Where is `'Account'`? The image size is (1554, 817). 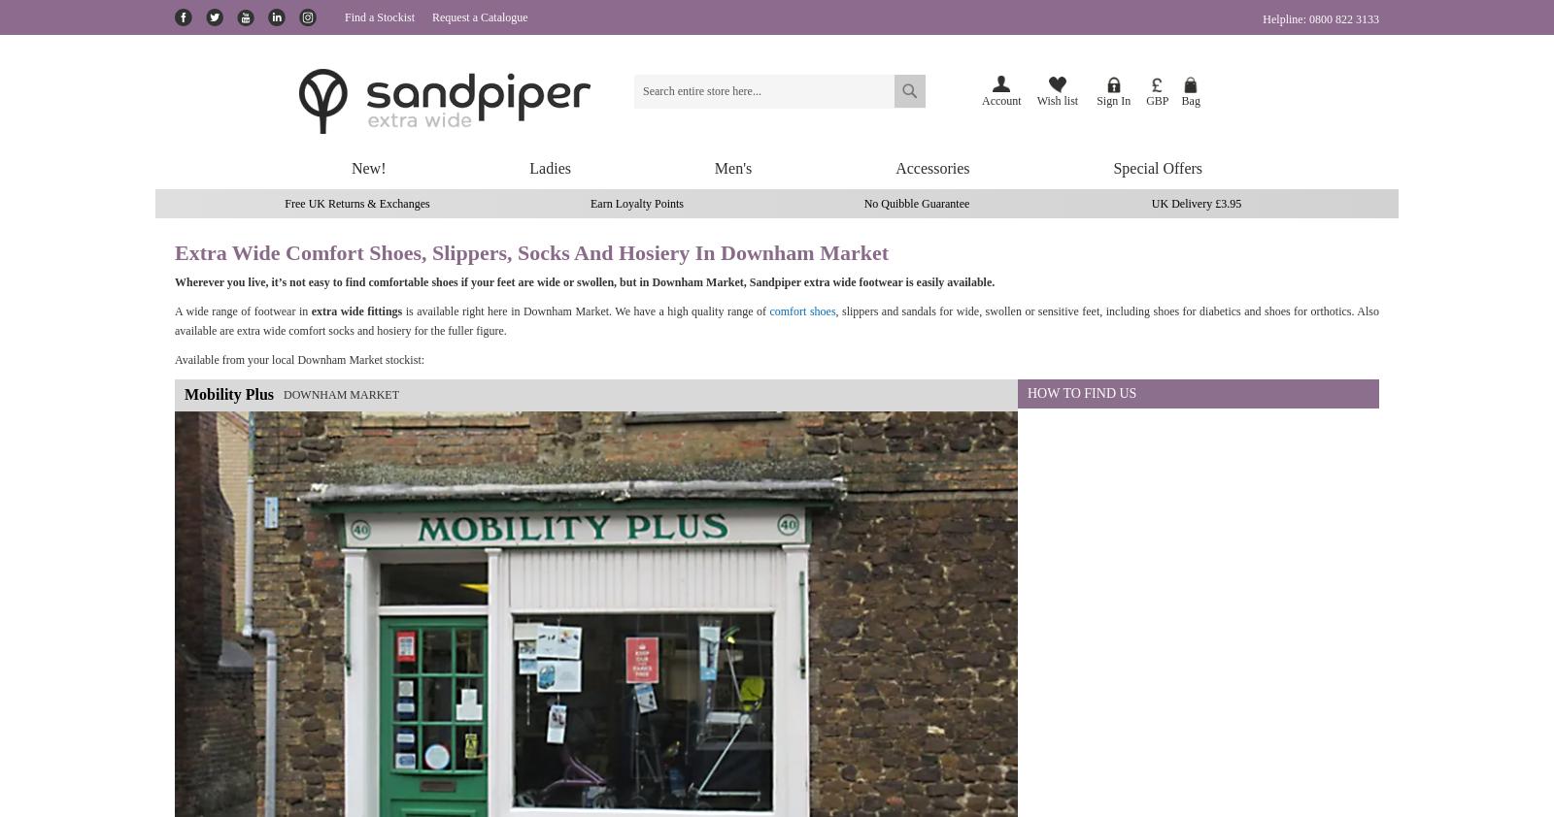 'Account' is located at coordinates (1001, 99).